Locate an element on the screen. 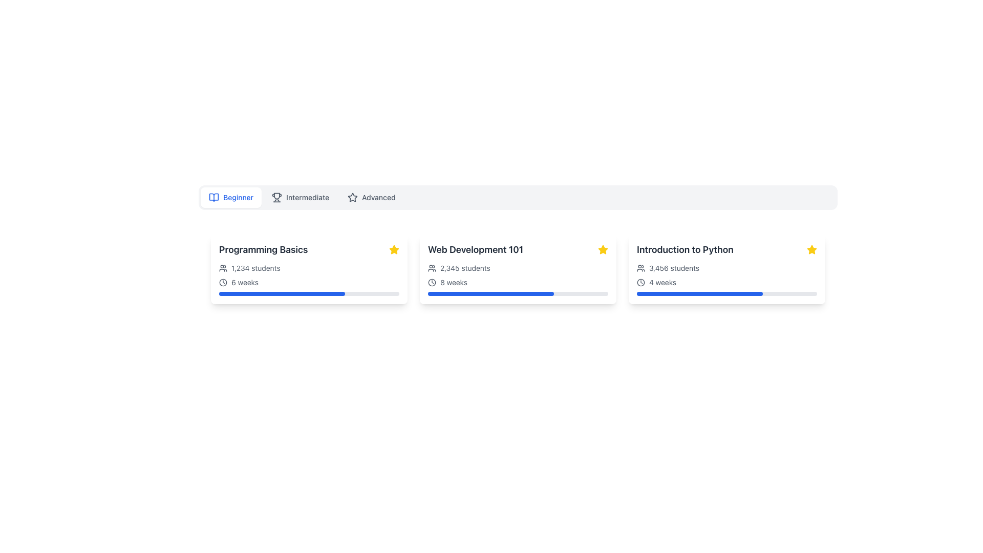 The width and height of the screenshot is (983, 553). the text label 'Intermediate' which is displayed in a medium-weight gray font and is positioned centrally between 'Beginner' and 'Advanced' is located at coordinates (307, 197).